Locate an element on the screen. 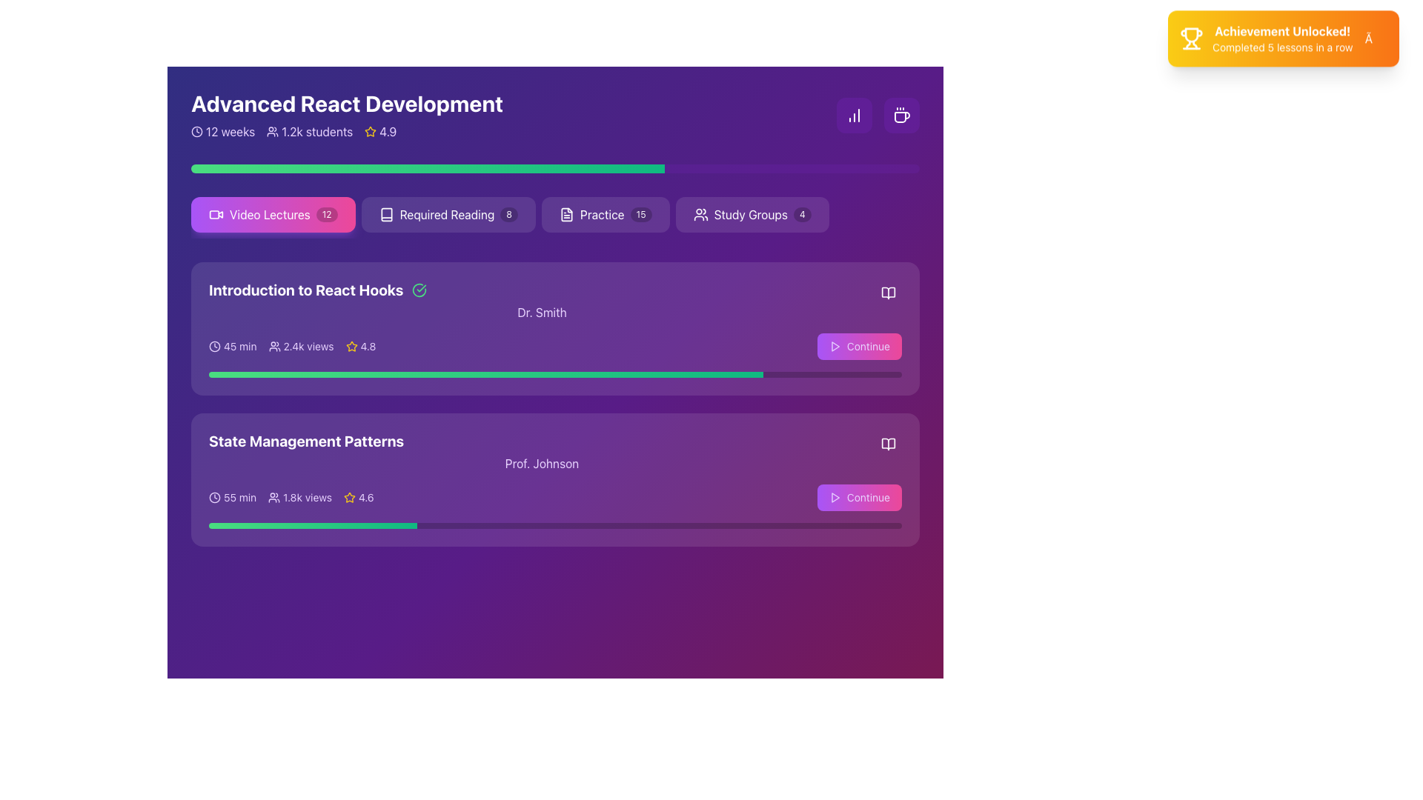 The image size is (1423, 800). slider value is located at coordinates (603, 373).